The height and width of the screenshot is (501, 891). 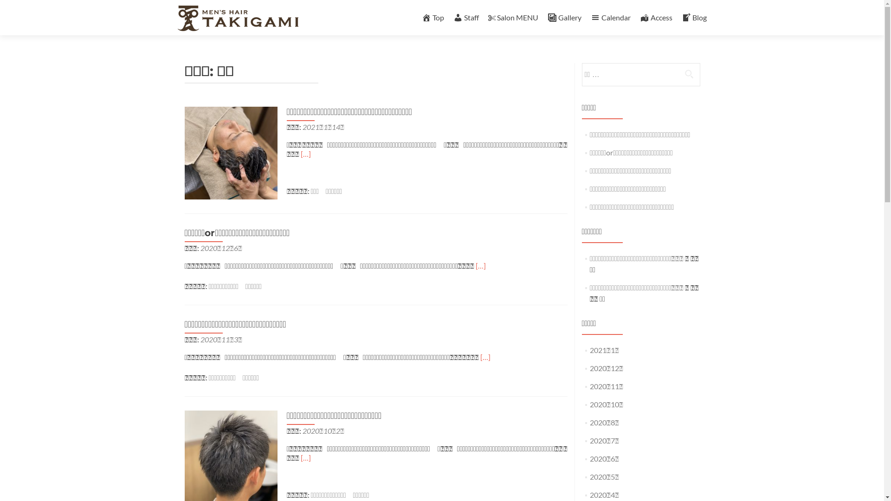 What do you see at coordinates (693, 17) in the screenshot?
I see `'Blog'` at bounding box center [693, 17].